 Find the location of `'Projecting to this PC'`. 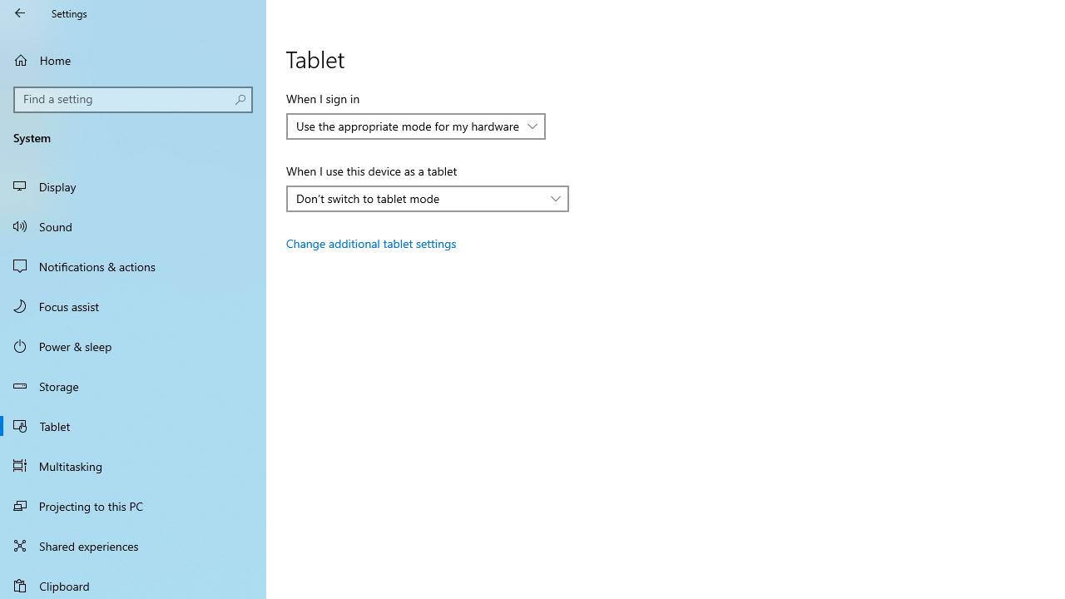

'Projecting to this PC' is located at coordinates (133, 505).